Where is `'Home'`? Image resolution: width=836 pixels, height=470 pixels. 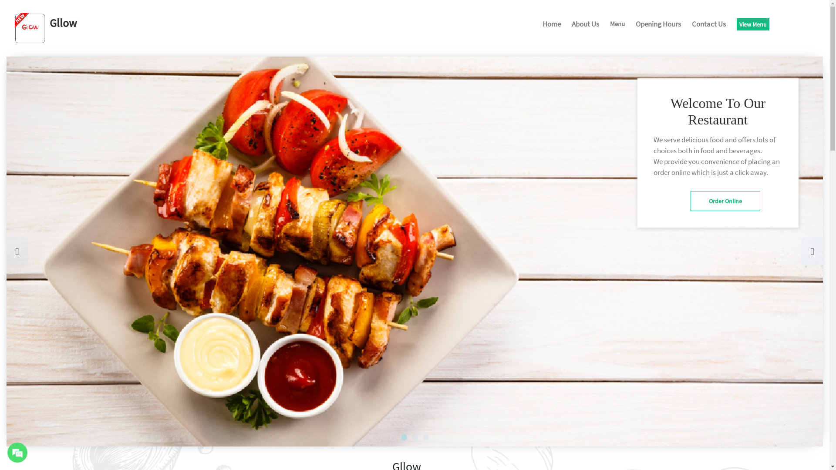 'Home' is located at coordinates (551, 24).